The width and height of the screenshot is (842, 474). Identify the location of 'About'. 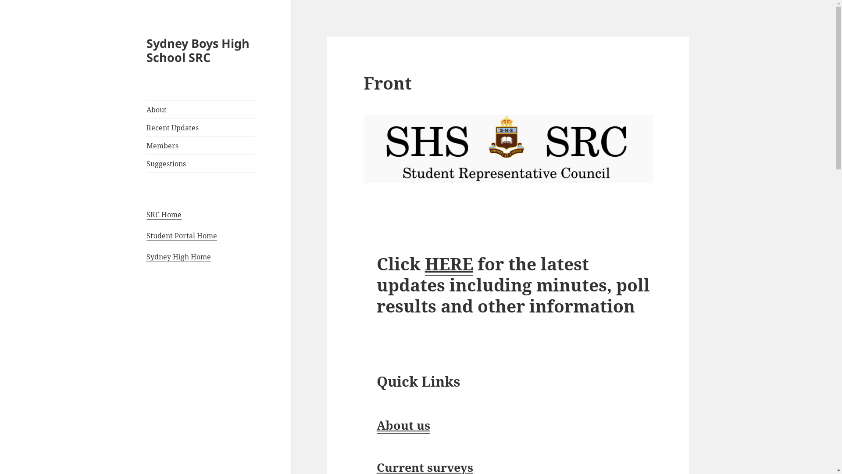
(146, 109).